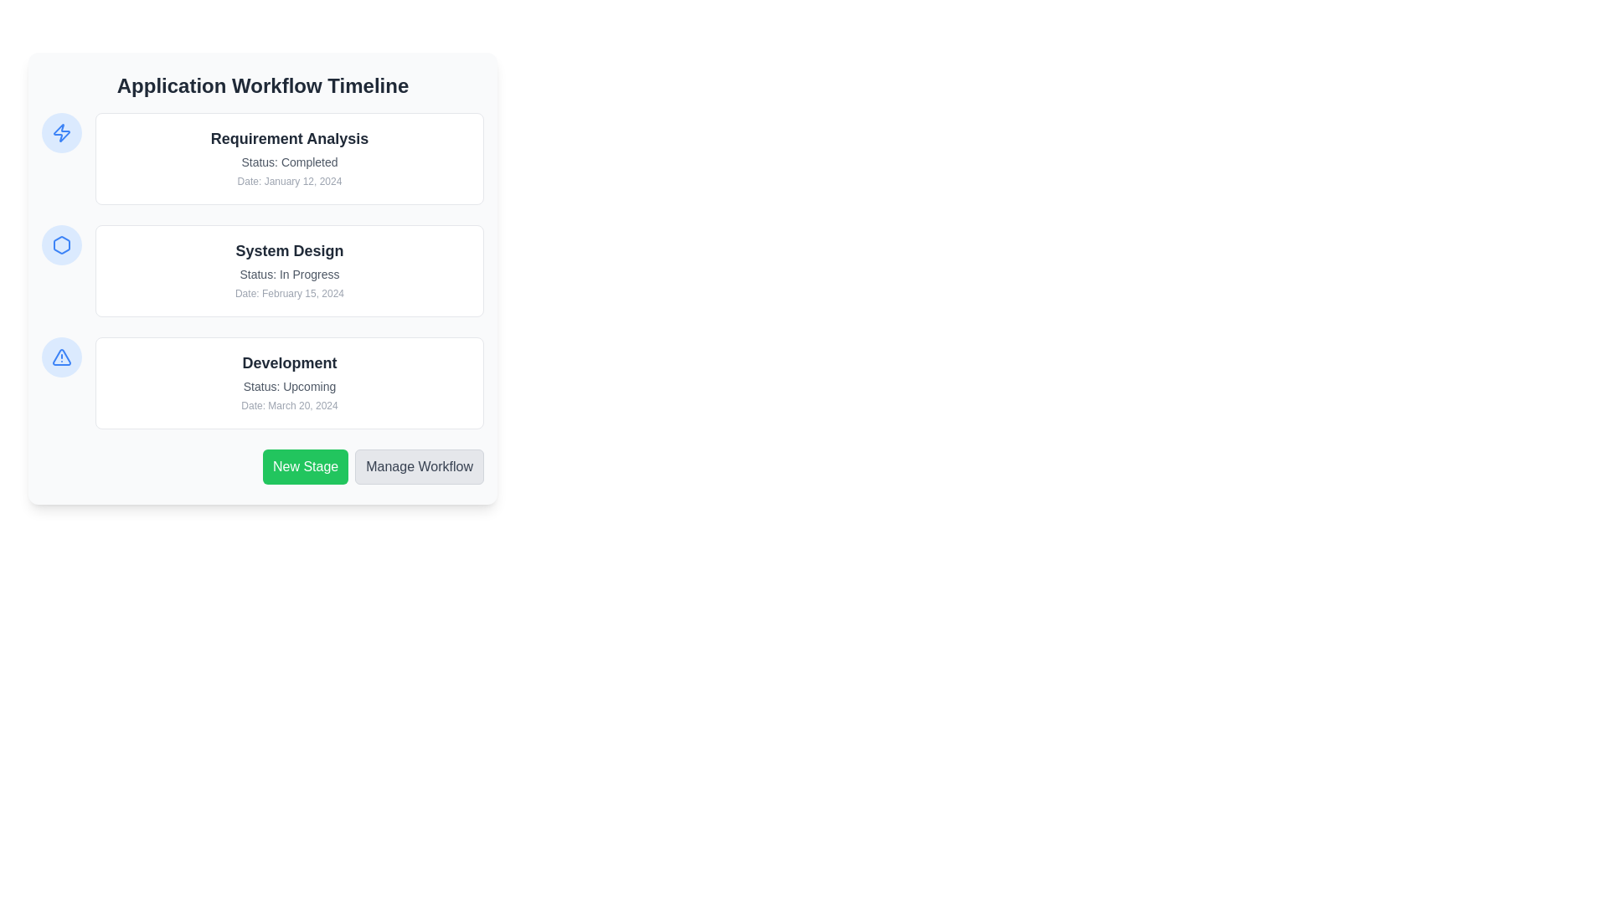  What do you see at coordinates (61, 357) in the screenshot?
I see `the alert icon indicating a notable or warning status for the 'Development' stage, located next to the 'Development' heading at the bottom-most group of elements` at bounding box center [61, 357].